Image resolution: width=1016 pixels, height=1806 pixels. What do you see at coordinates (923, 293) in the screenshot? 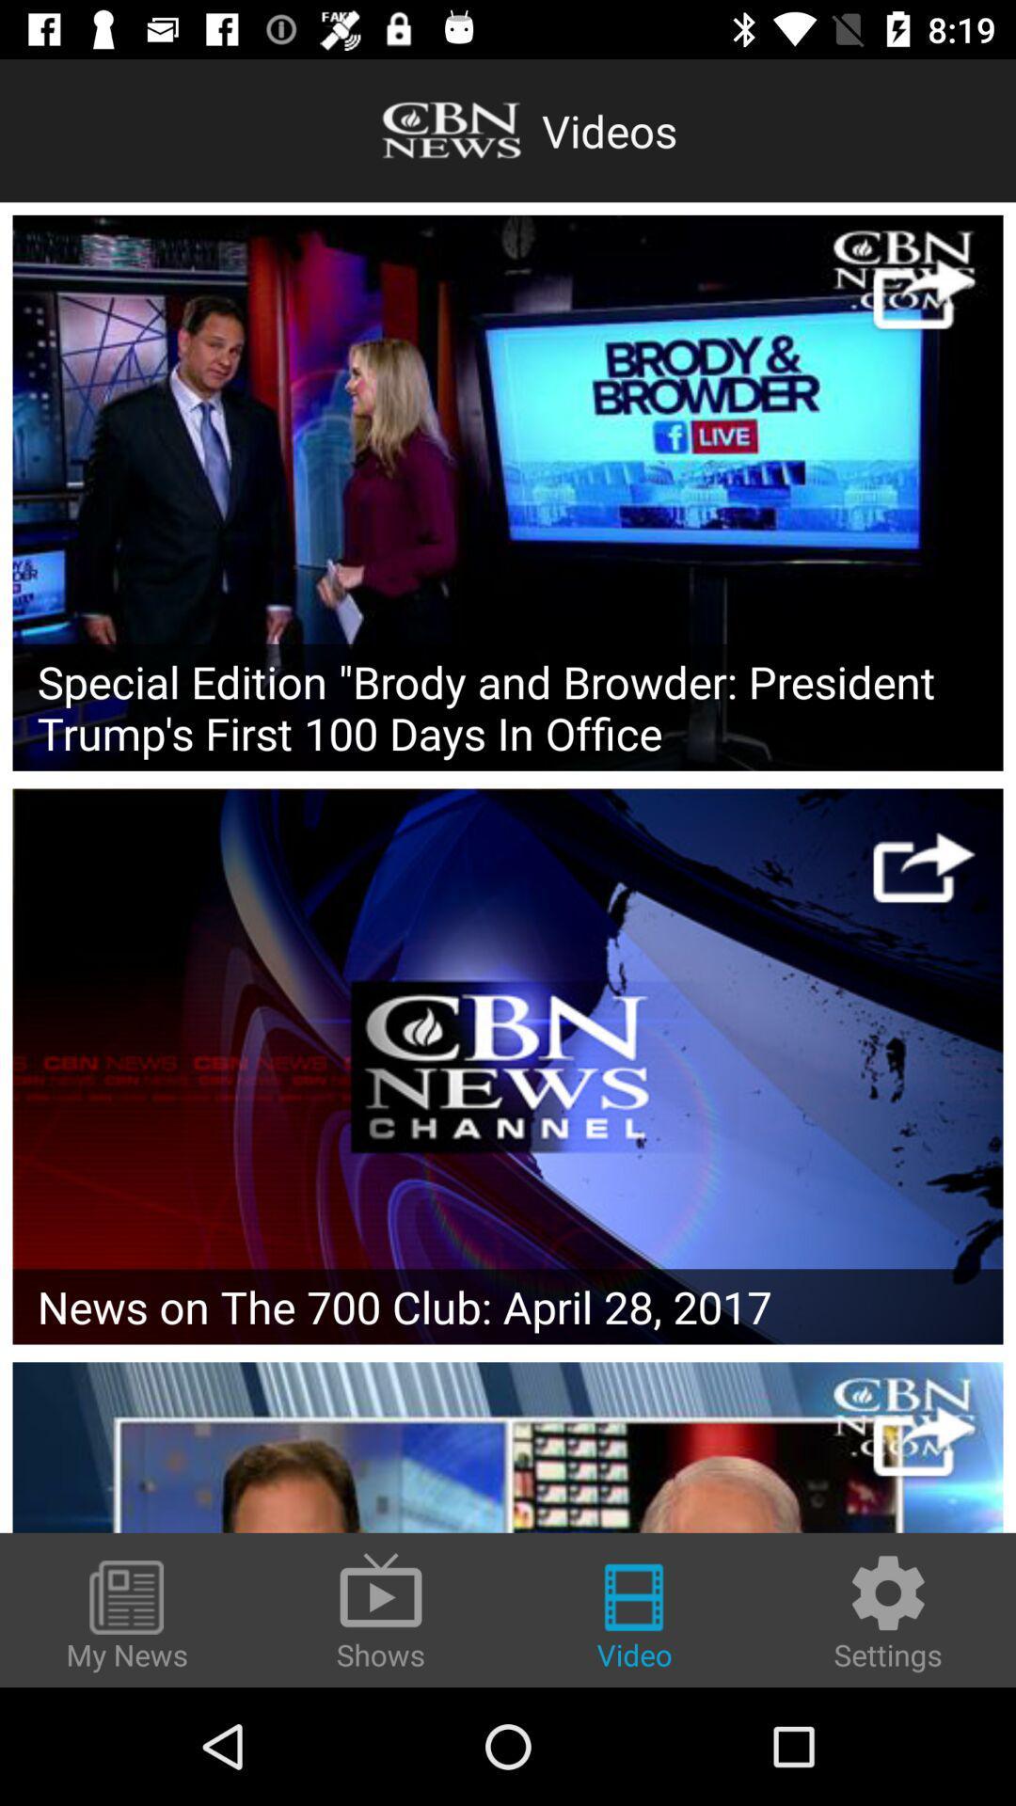
I see `watch video` at bounding box center [923, 293].